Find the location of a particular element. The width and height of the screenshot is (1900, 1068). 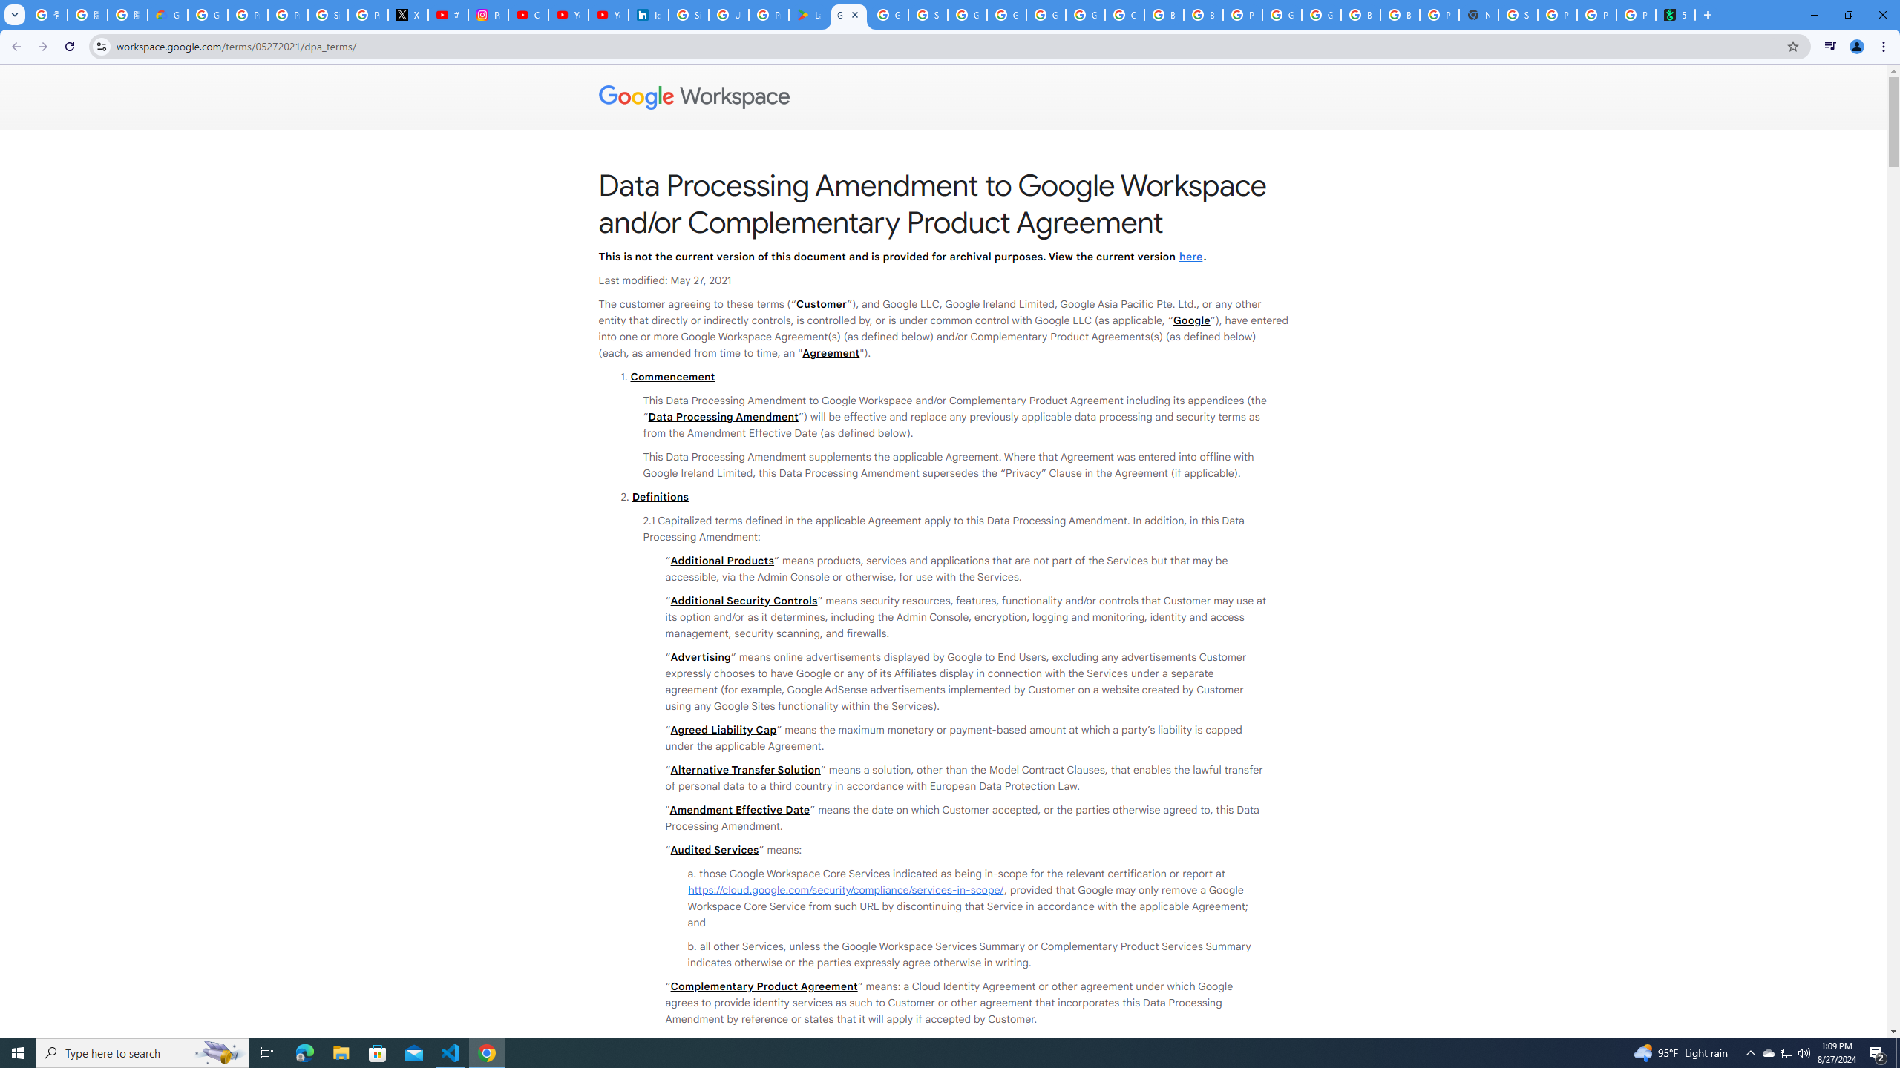

'Privacy Help Center - Policies Help' is located at coordinates (288, 14).